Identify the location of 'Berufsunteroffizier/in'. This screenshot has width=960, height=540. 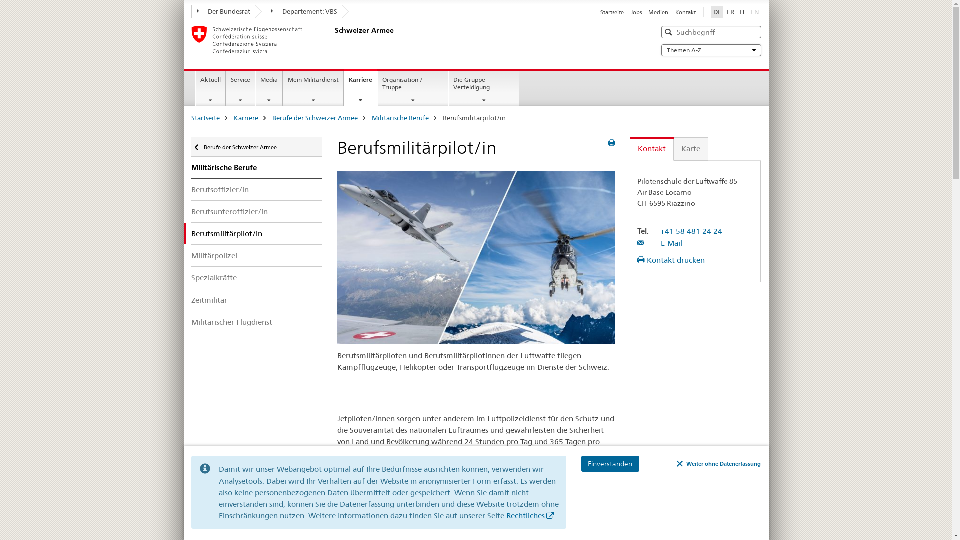
(256, 211).